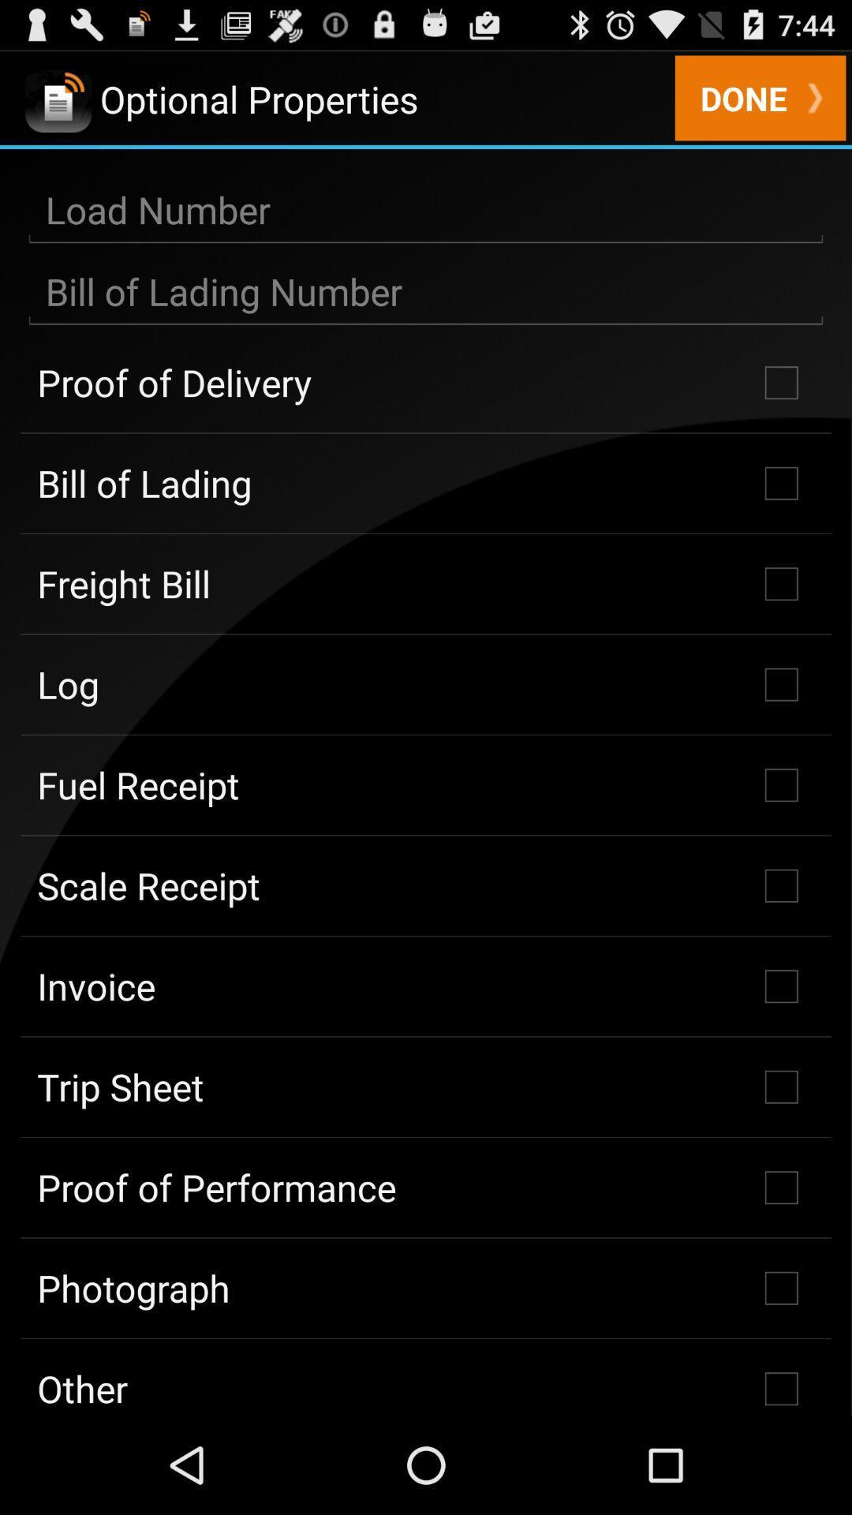 This screenshot has width=852, height=1515. What do you see at coordinates (426, 1376) in the screenshot?
I see `other checkbox` at bounding box center [426, 1376].